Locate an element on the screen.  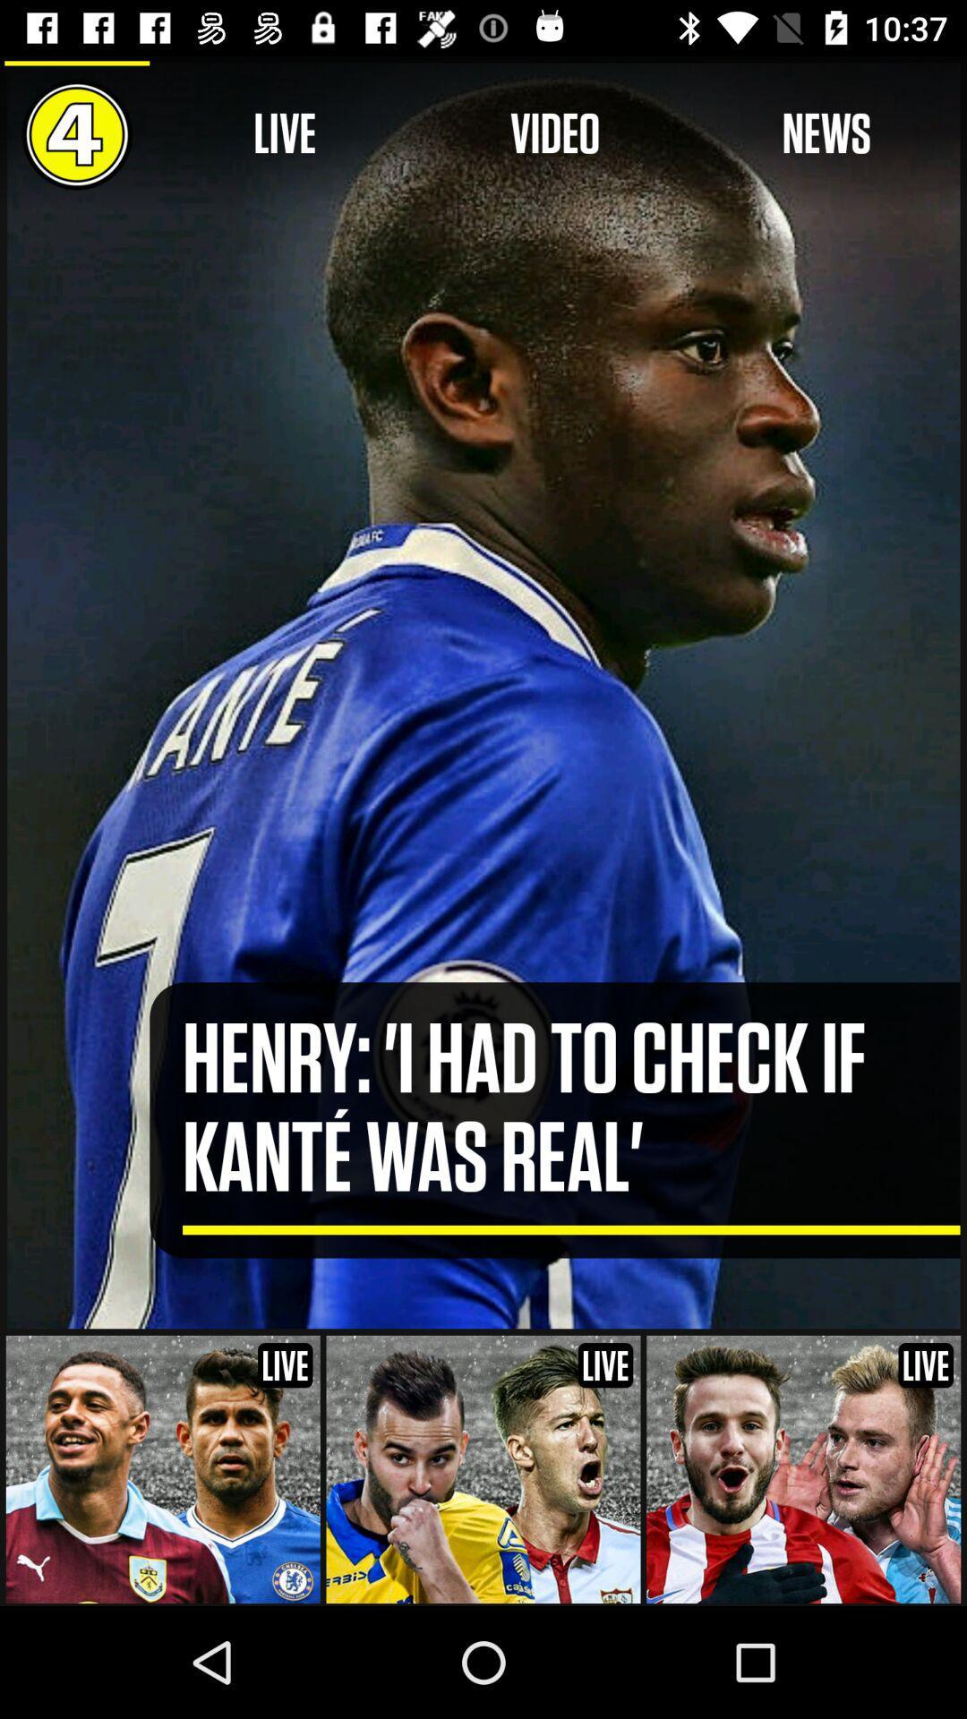
the option beside the number 4 is located at coordinates (284, 133).